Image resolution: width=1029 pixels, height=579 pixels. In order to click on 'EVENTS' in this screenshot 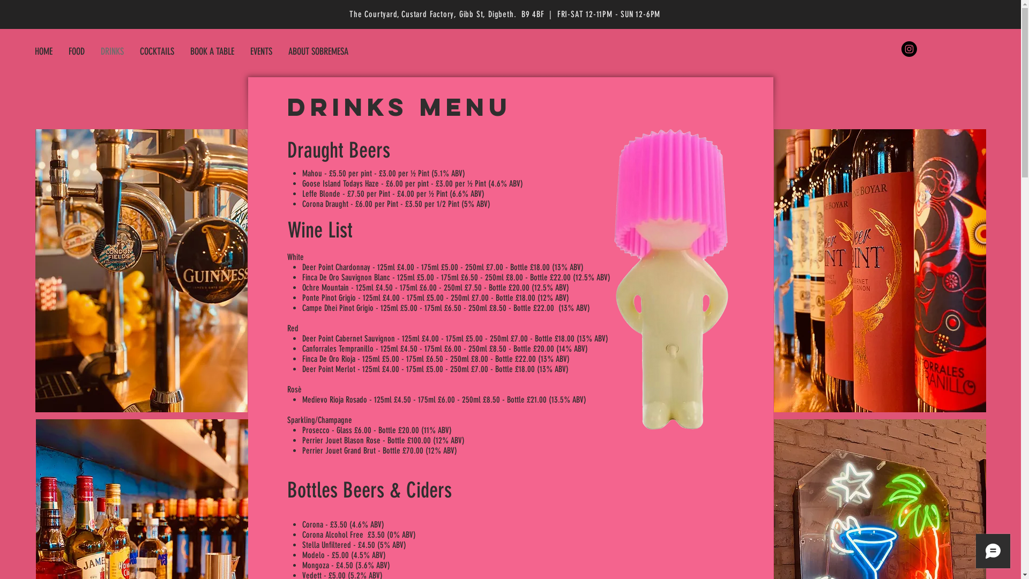, I will do `click(261, 51)`.